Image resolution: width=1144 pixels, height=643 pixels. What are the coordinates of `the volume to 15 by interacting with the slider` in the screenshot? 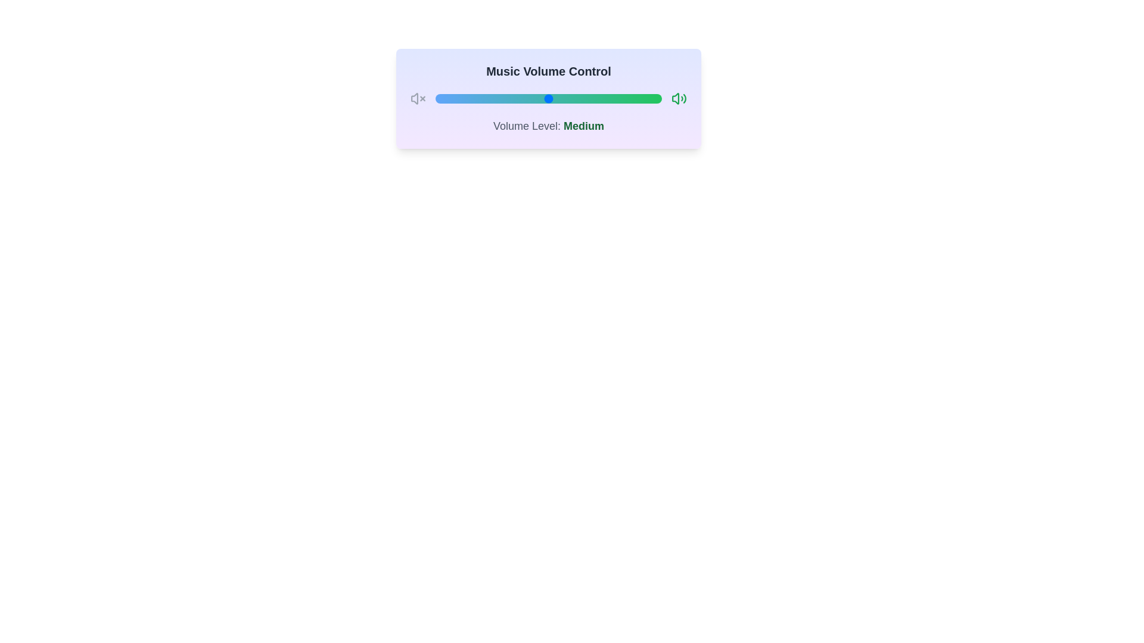 It's located at (469, 98).